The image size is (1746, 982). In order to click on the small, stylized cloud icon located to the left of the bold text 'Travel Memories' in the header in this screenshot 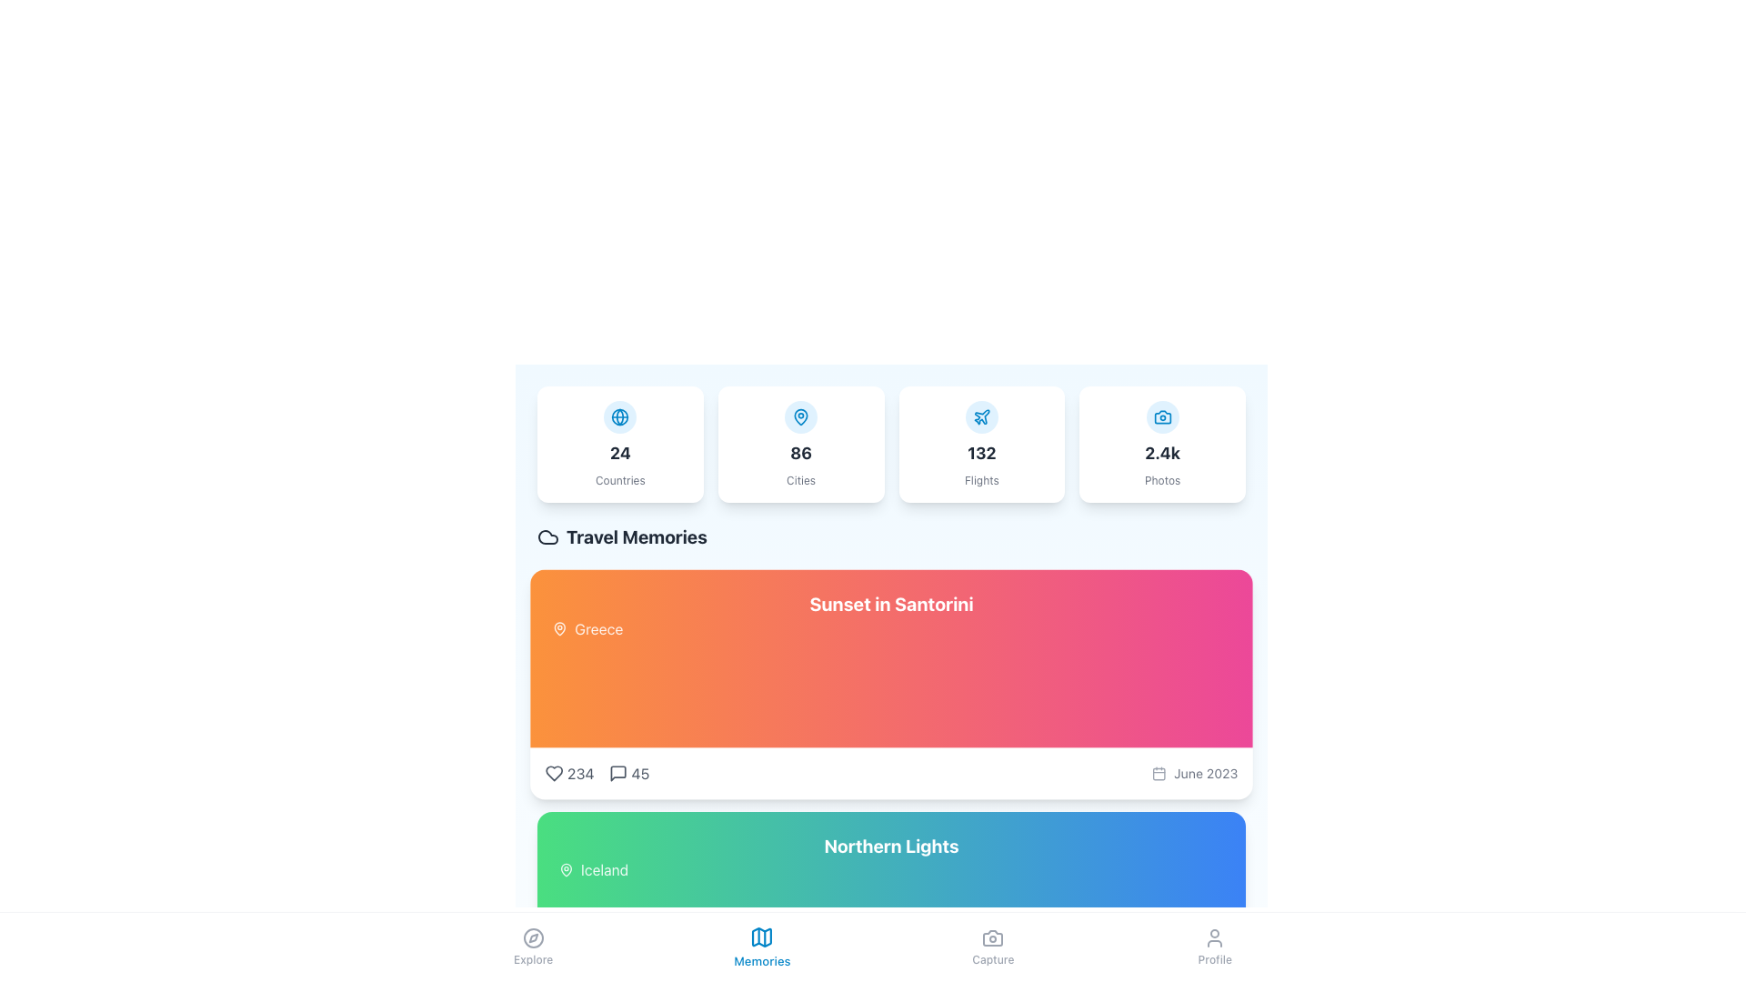, I will do `click(547, 536)`.